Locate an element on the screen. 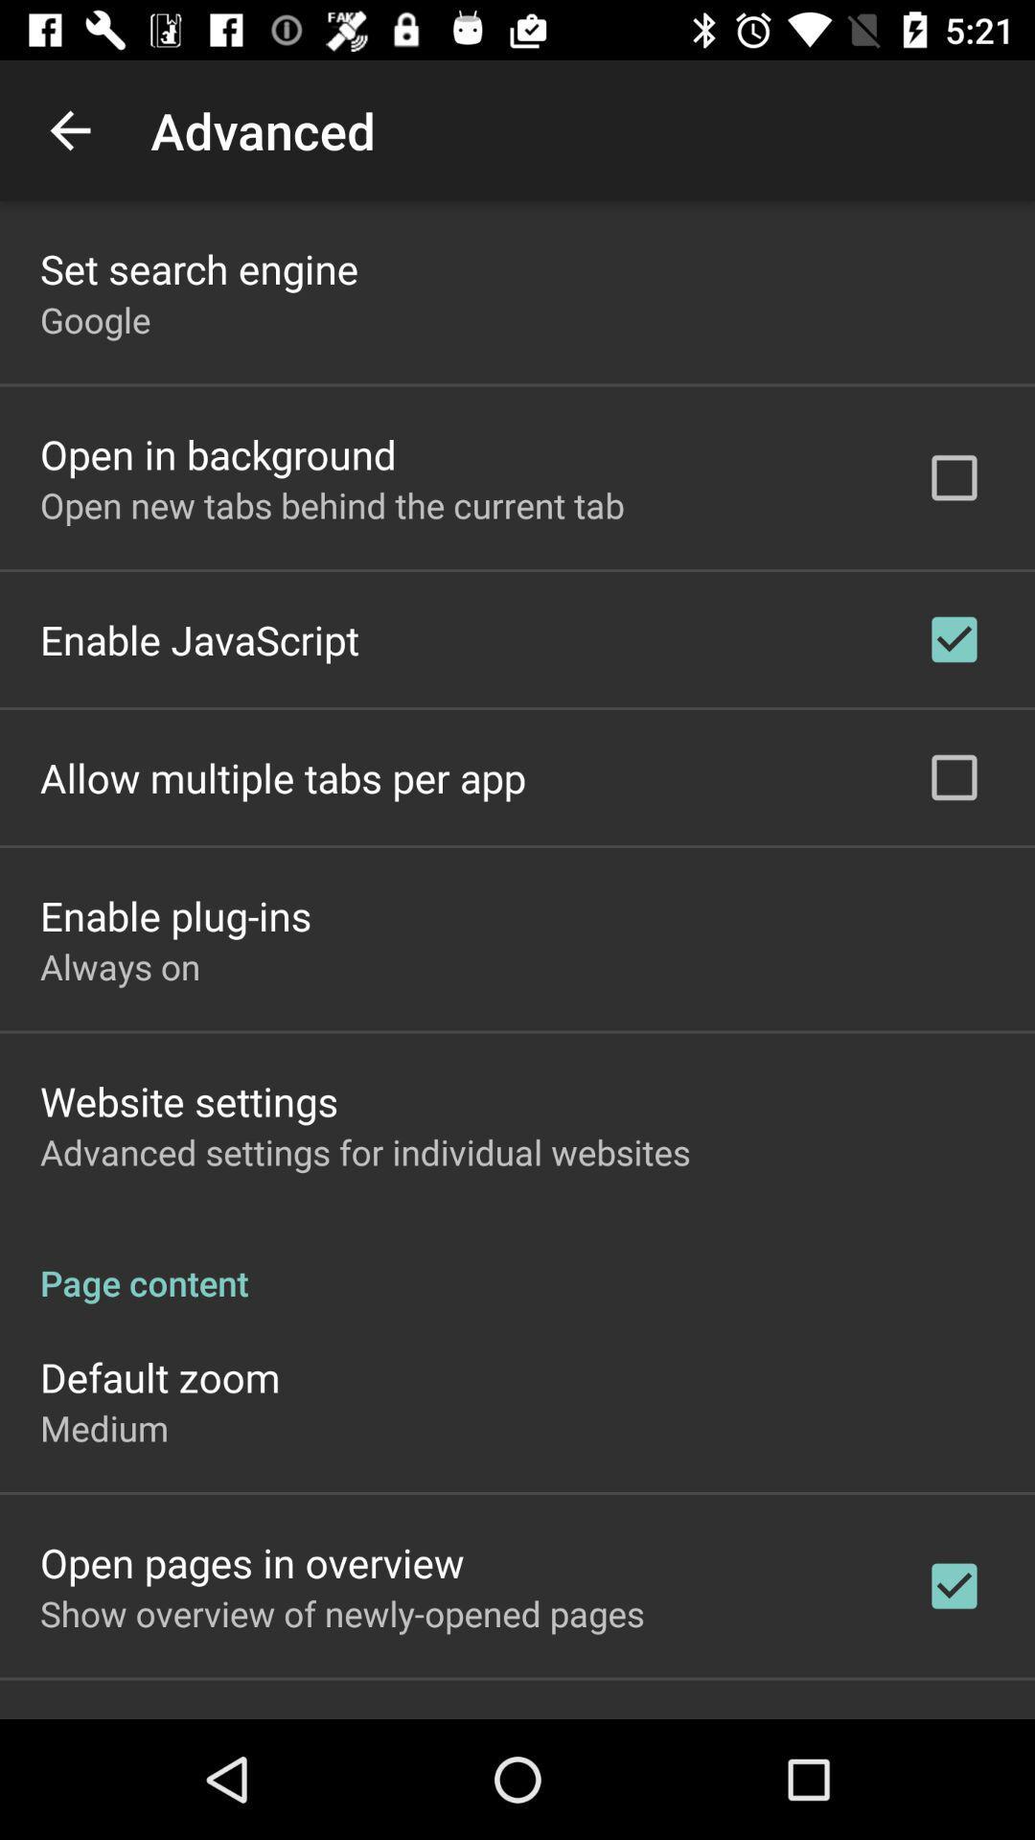  the app below open pages in is located at coordinates (341, 1612).